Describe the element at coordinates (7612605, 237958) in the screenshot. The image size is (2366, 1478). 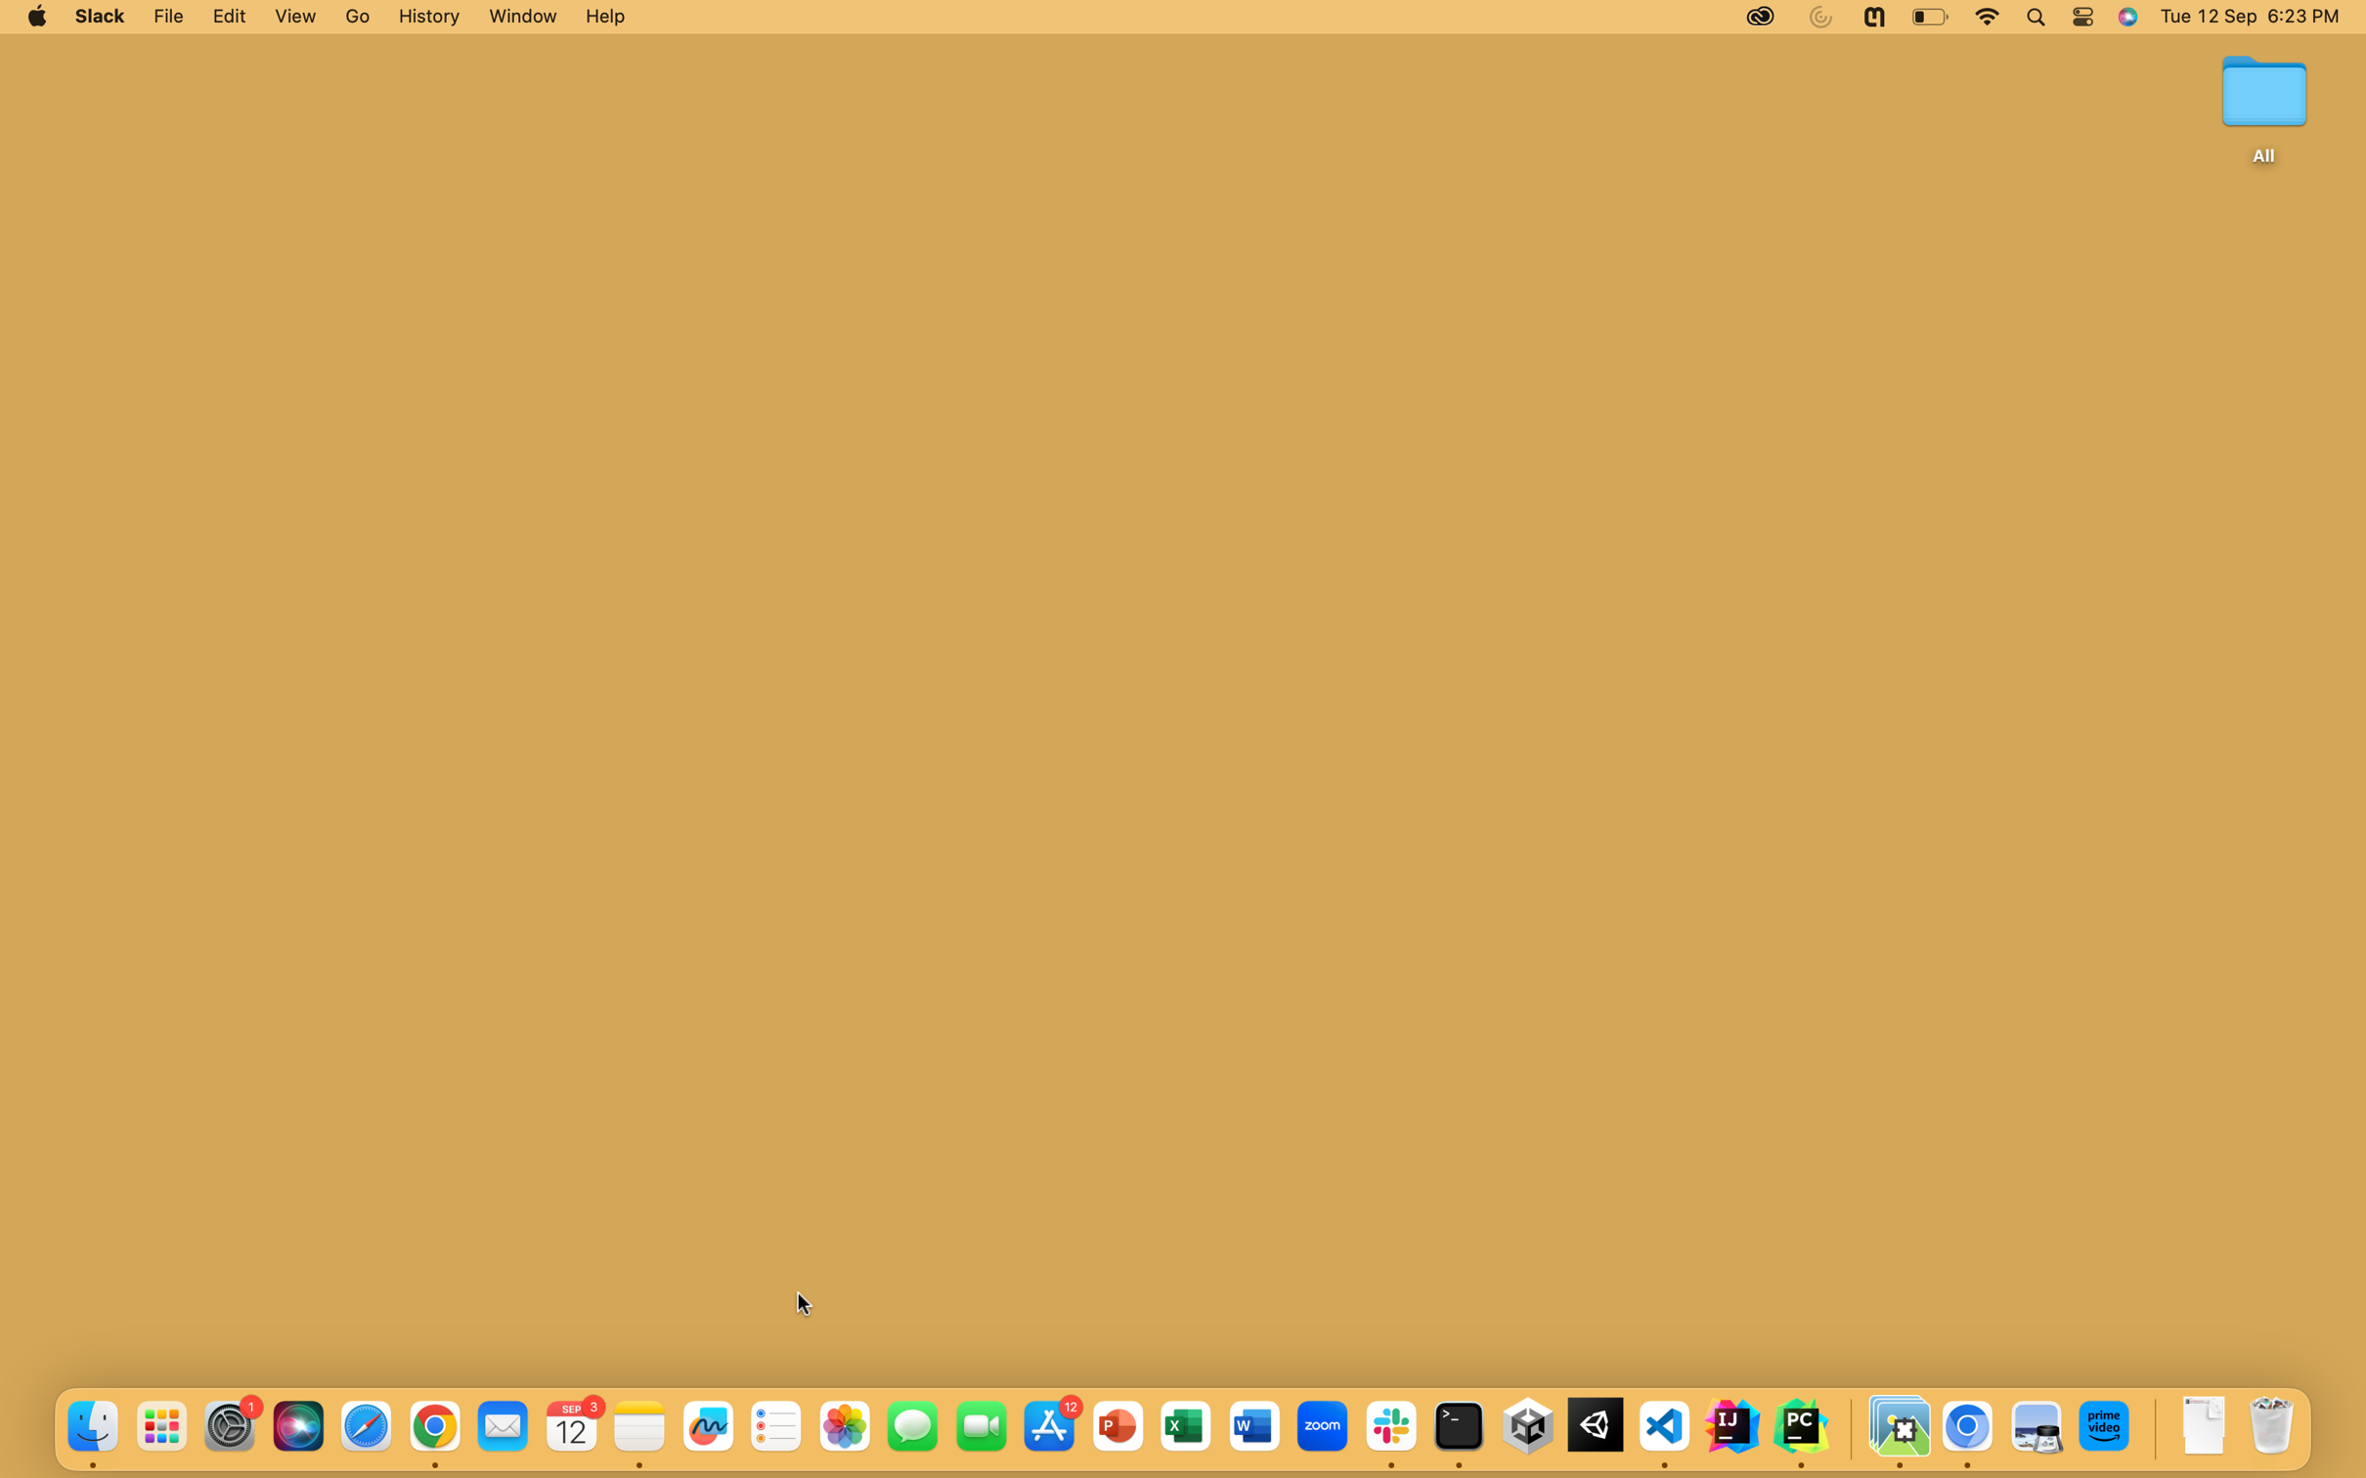
I see `Relocate the folder into the trash bin by dragging it` at that location.